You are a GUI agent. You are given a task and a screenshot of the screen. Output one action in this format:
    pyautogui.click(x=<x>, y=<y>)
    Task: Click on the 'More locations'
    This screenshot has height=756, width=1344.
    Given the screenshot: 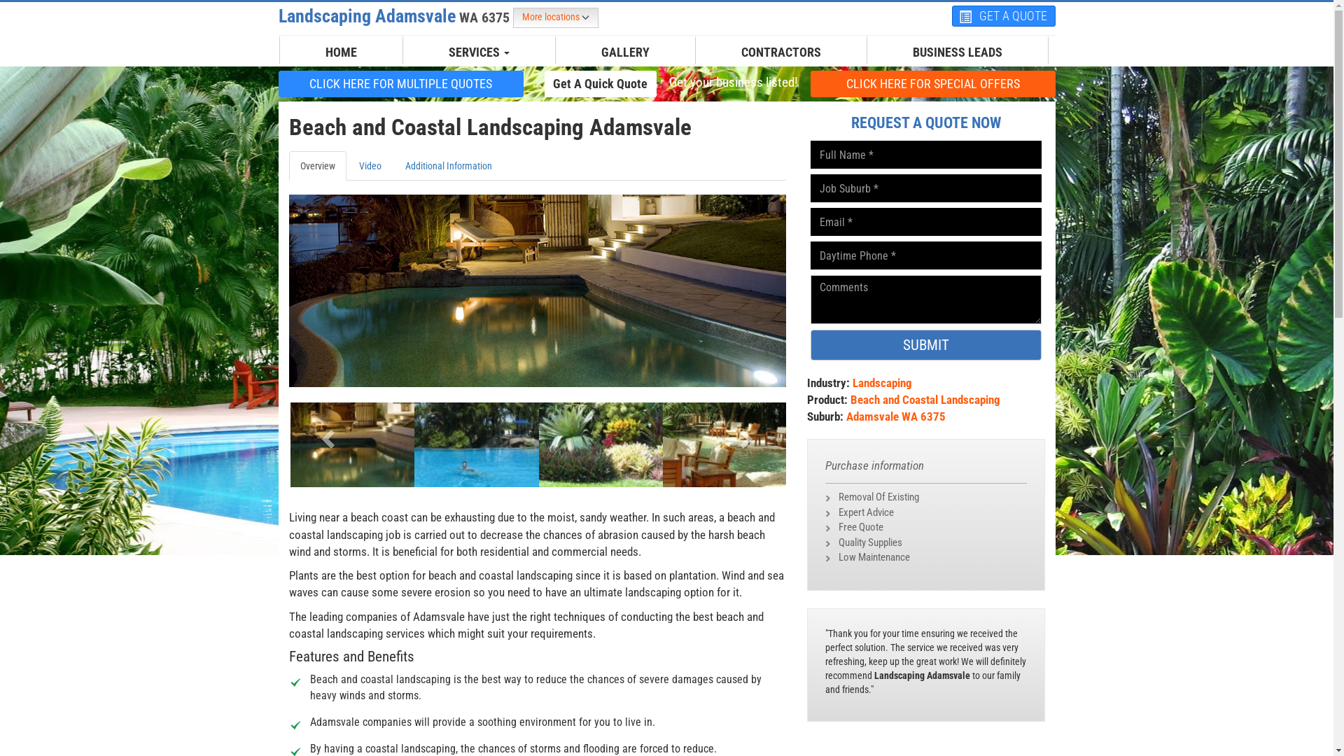 What is the action you would take?
    pyautogui.click(x=554, y=17)
    